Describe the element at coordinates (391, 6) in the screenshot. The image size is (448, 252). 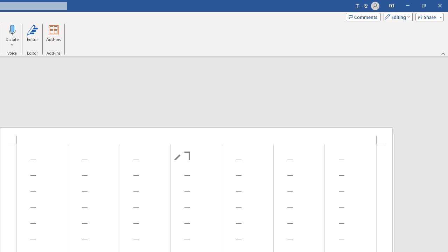
I see `'Ribbon Display Options'` at that location.